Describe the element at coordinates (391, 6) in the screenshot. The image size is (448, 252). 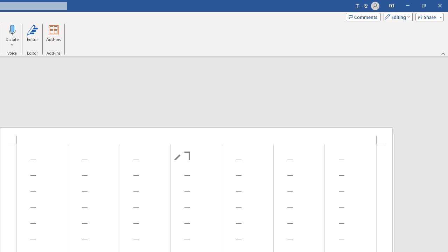
I see `'Ribbon Display Options'` at that location.